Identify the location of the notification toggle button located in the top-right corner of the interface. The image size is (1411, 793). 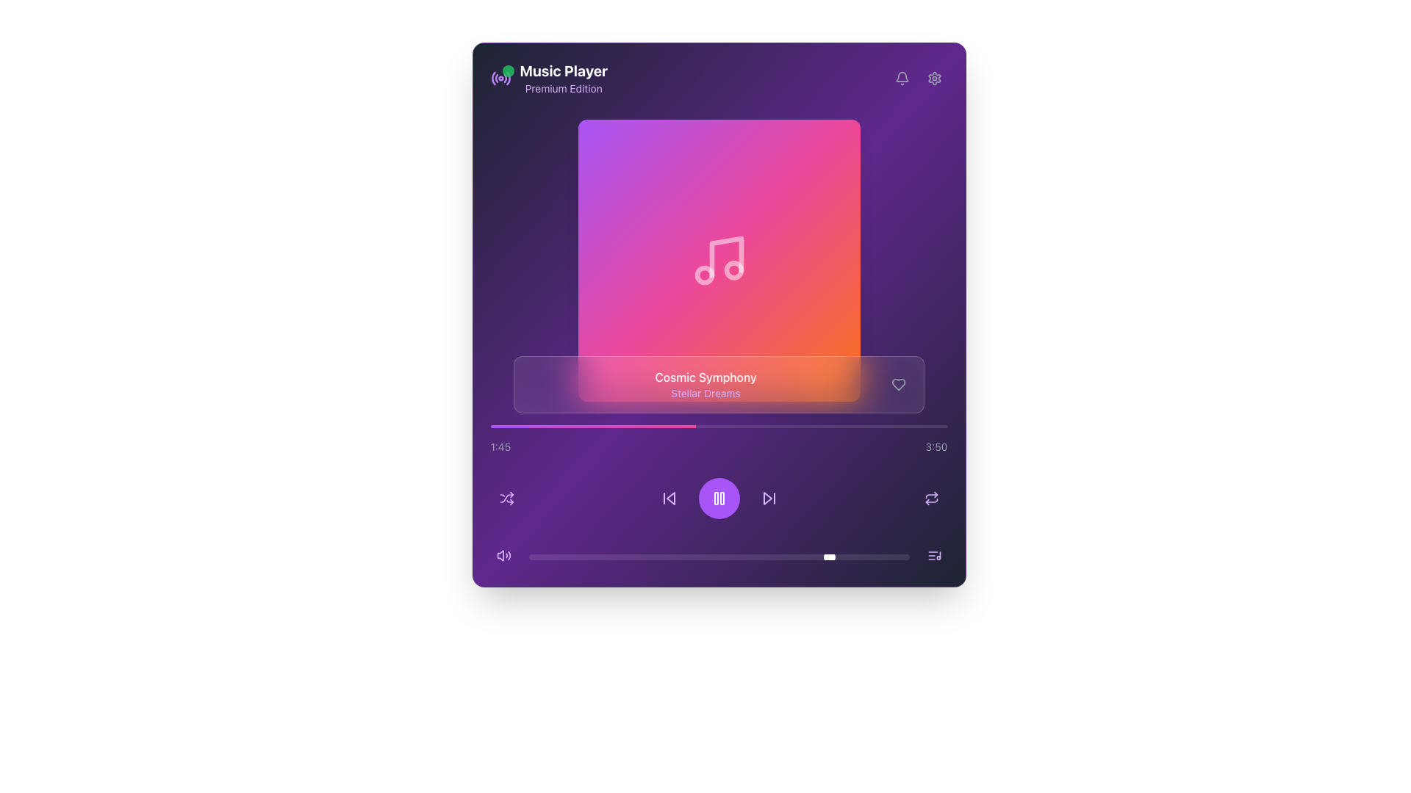
(901, 79).